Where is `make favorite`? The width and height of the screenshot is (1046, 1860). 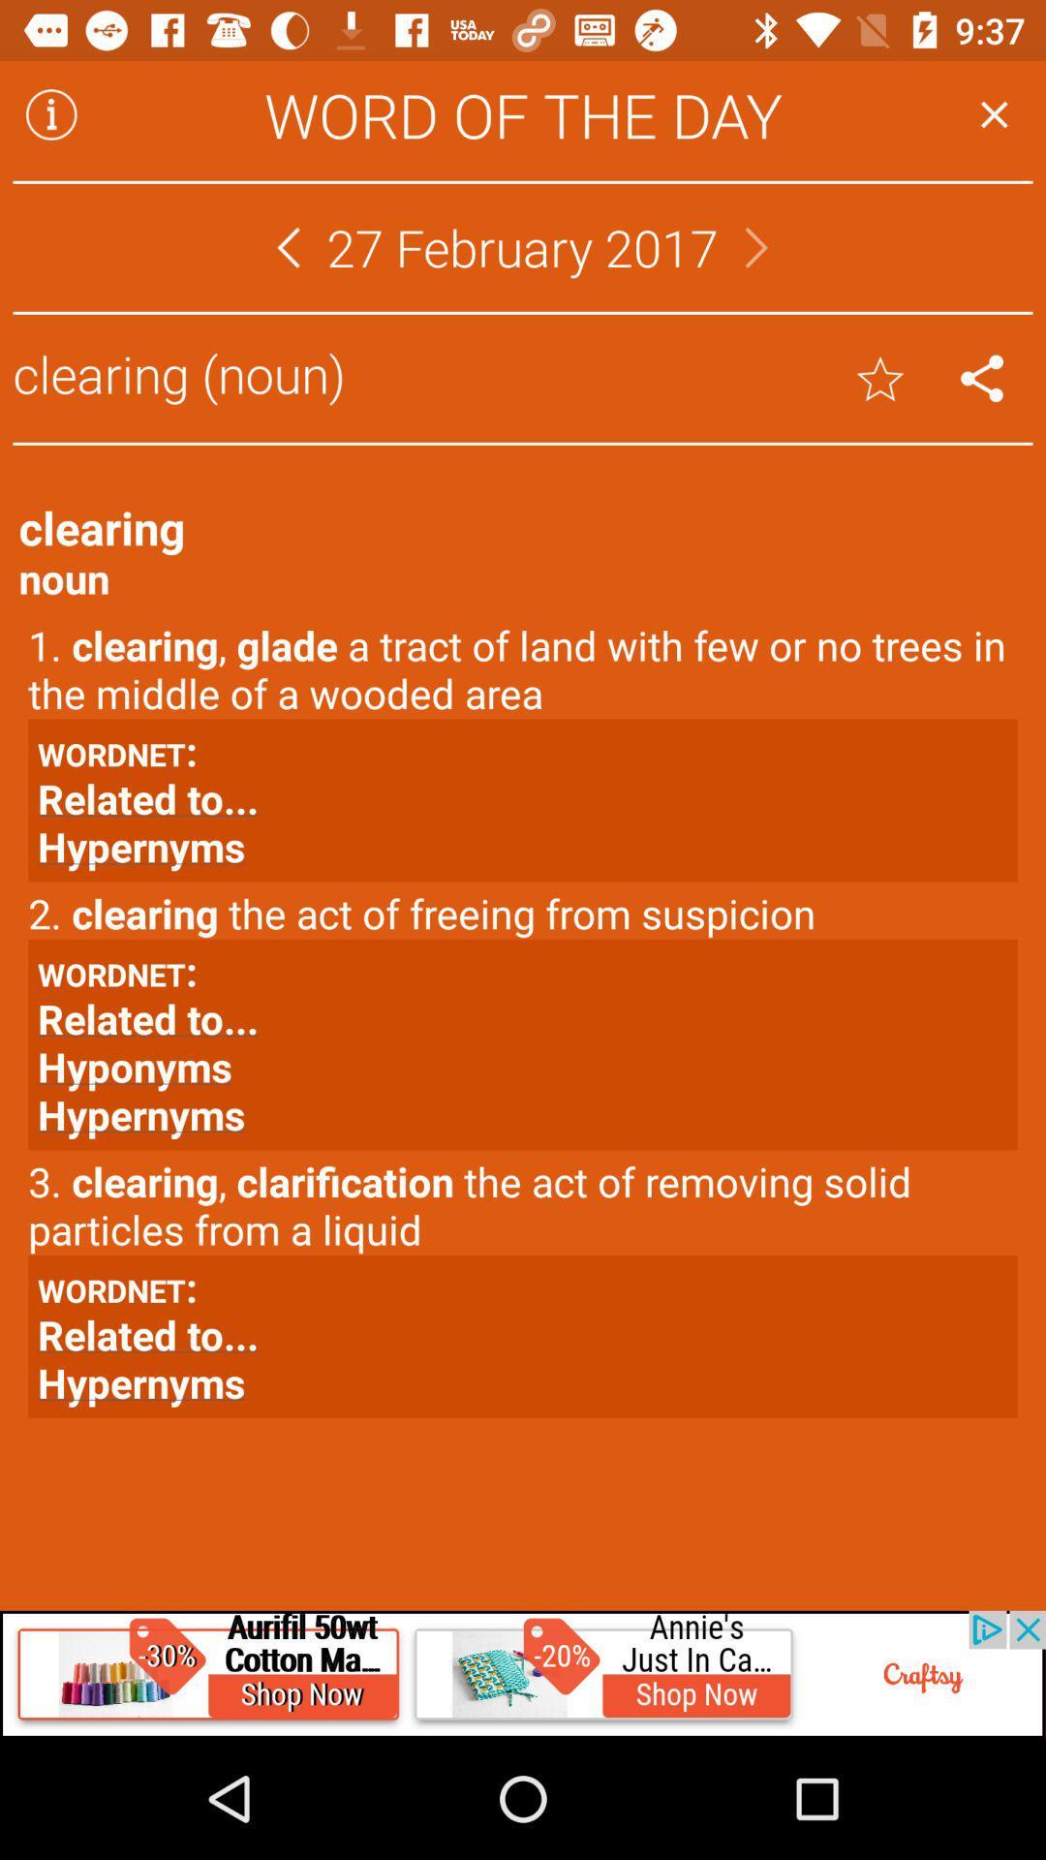
make favorite is located at coordinates (880, 378).